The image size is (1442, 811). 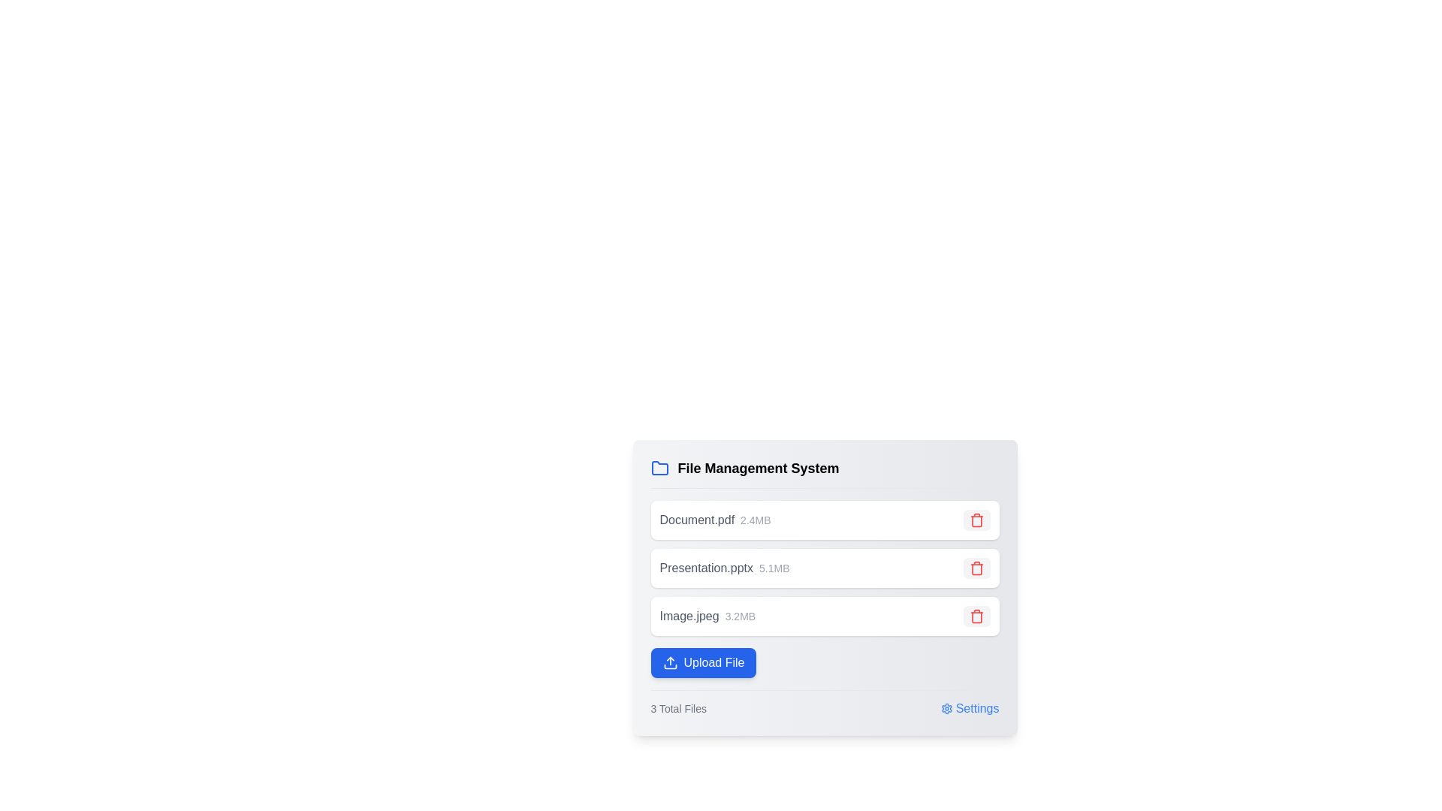 I want to click on the gear icon representing the settings functionality, located to the left of the 'Settings' label, so click(x=946, y=709).